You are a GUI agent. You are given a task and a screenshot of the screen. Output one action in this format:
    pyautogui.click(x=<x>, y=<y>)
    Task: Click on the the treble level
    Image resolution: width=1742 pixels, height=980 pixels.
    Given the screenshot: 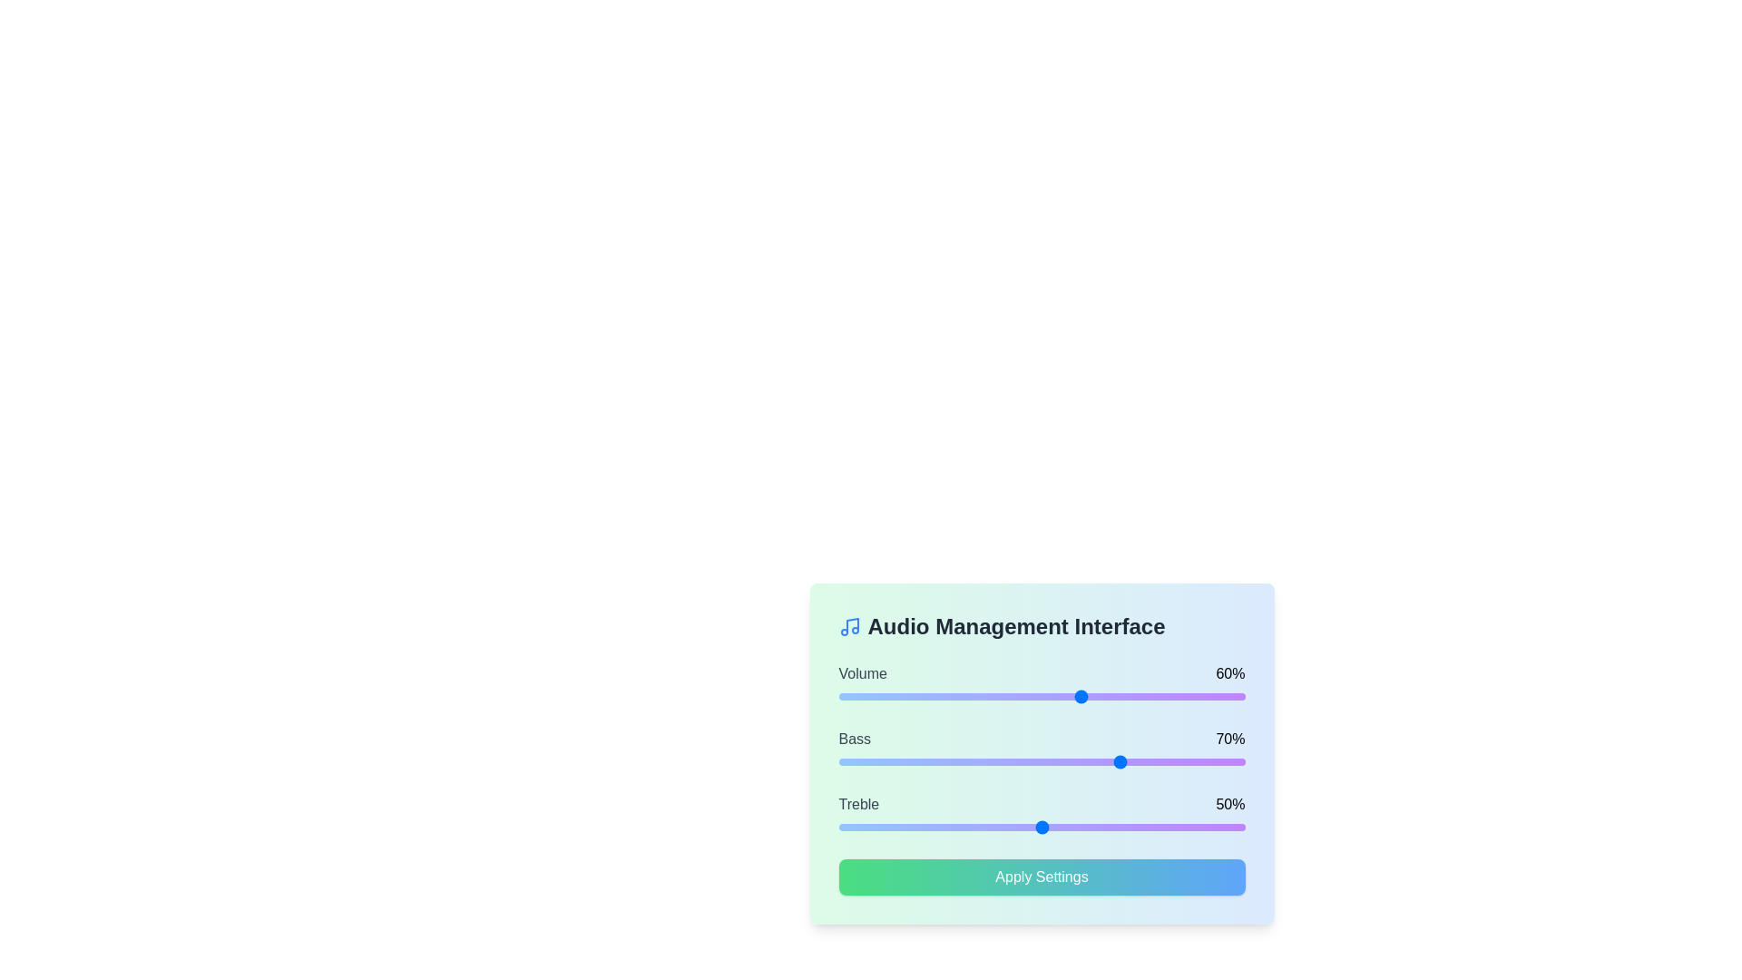 What is the action you would take?
    pyautogui.click(x=964, y=827)
    